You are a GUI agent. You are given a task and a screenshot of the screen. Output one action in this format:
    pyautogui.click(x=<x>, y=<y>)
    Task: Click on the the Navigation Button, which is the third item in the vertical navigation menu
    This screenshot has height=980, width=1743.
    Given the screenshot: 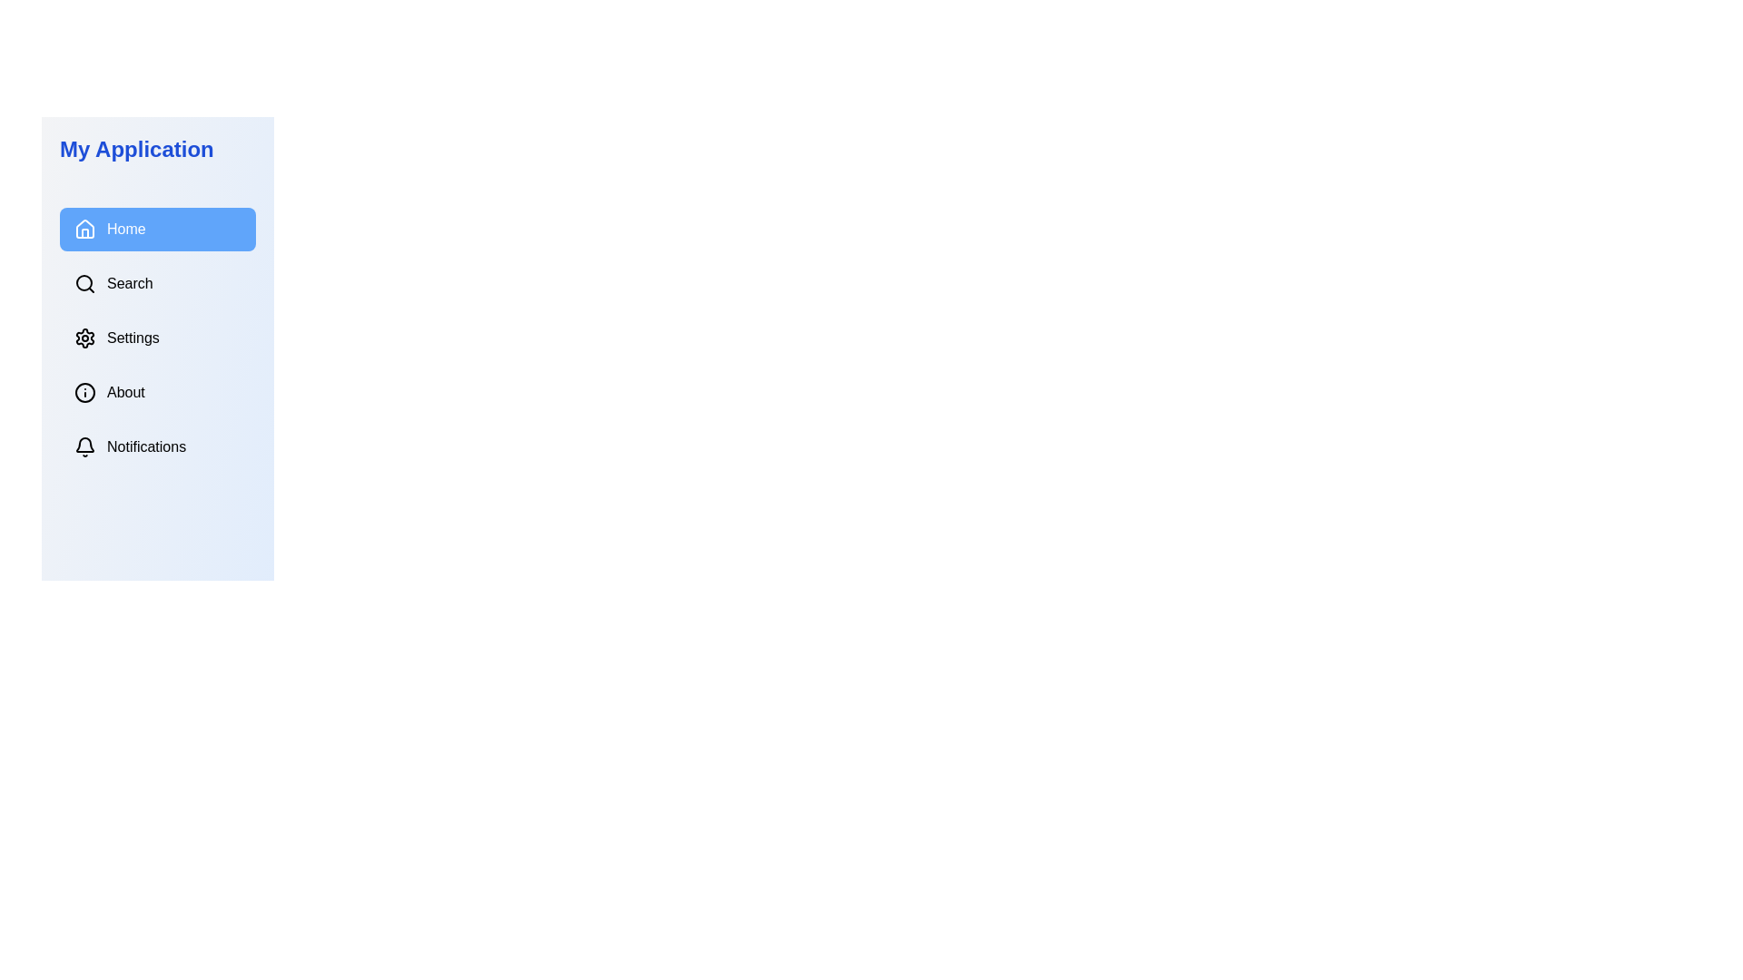 What is the action you would take?
    pyautogui.click(x=157, y=338)
    